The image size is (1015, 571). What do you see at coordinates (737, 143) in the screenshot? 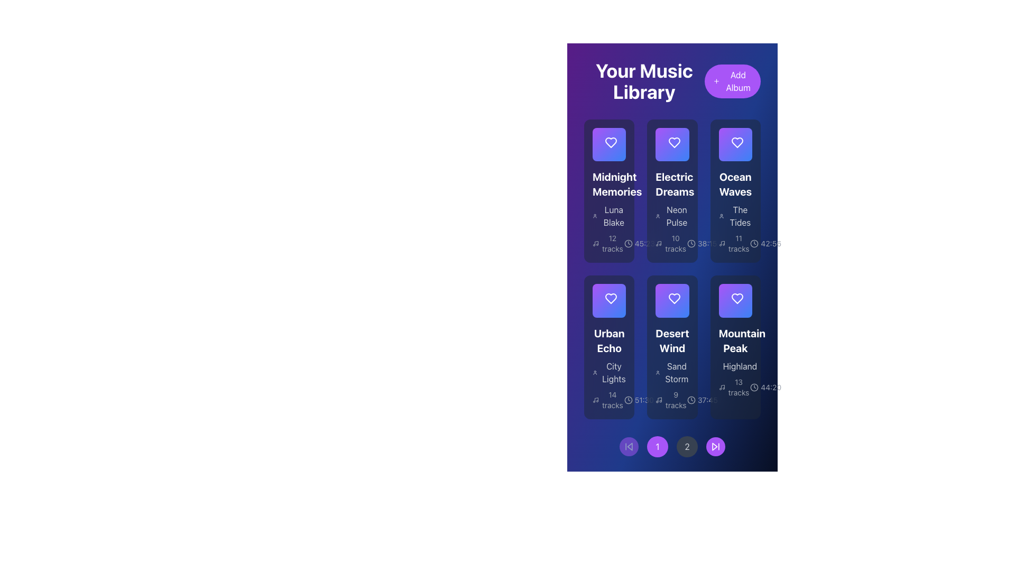
I see `the heart icon used to 'like' or 'favorite' the music album titled 'Ocean Waves'` at bounding box center [737, 143].